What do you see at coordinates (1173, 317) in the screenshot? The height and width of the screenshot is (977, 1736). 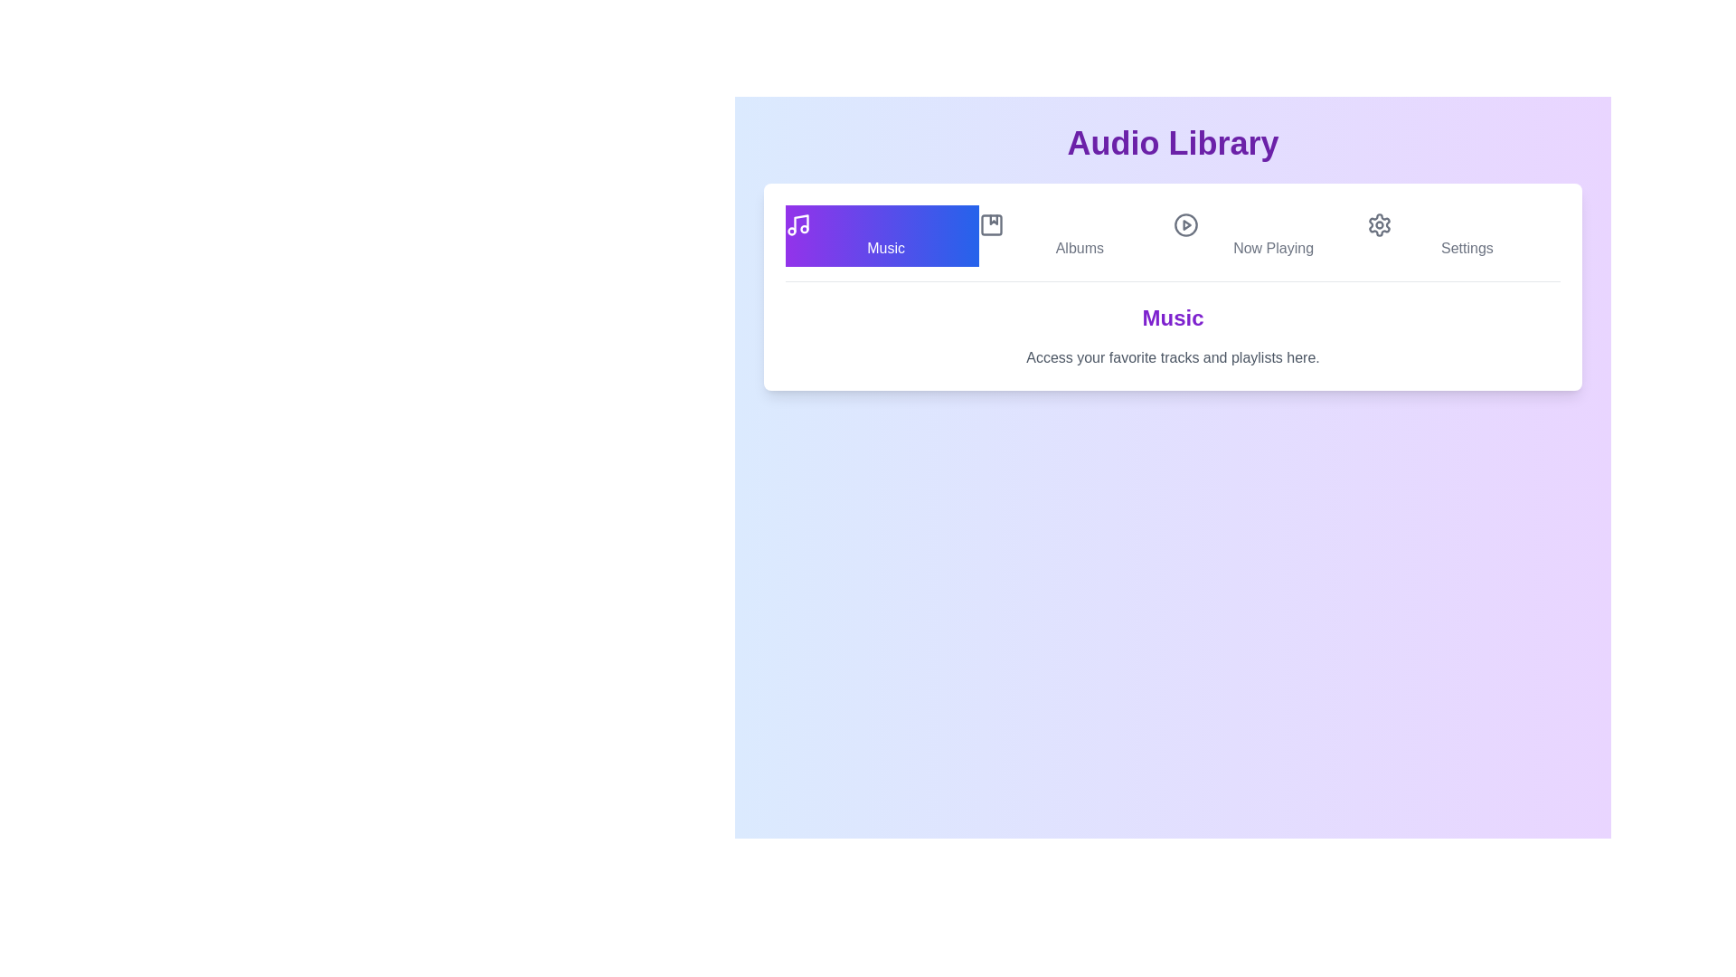 I see `the 'Music' heading text element, which introduces the 'Music' section and is located beneath the navigation menu within a white content card` at bounding box center [1173, 317].